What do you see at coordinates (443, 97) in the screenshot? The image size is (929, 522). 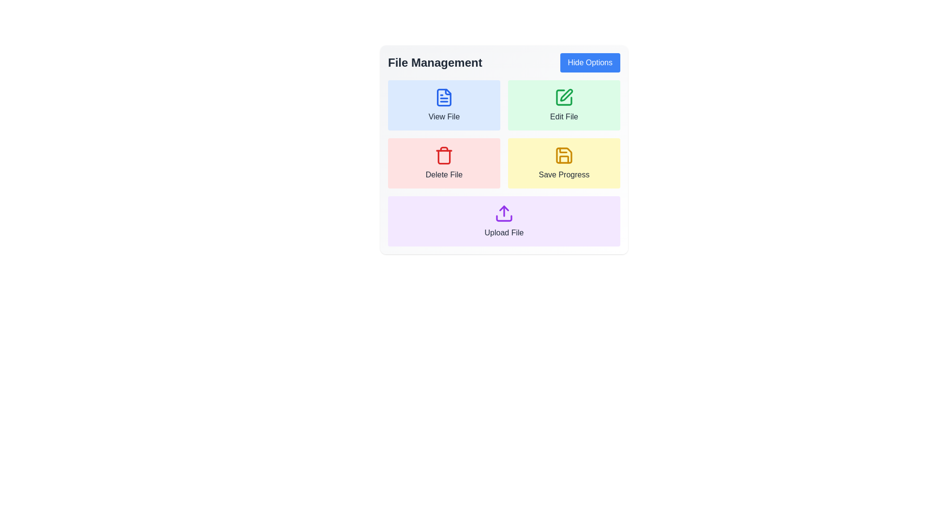 I see `the 'View File' icon located in the top left corner of the 'File Management' section, which allows users` at bounding box center [443, 97].